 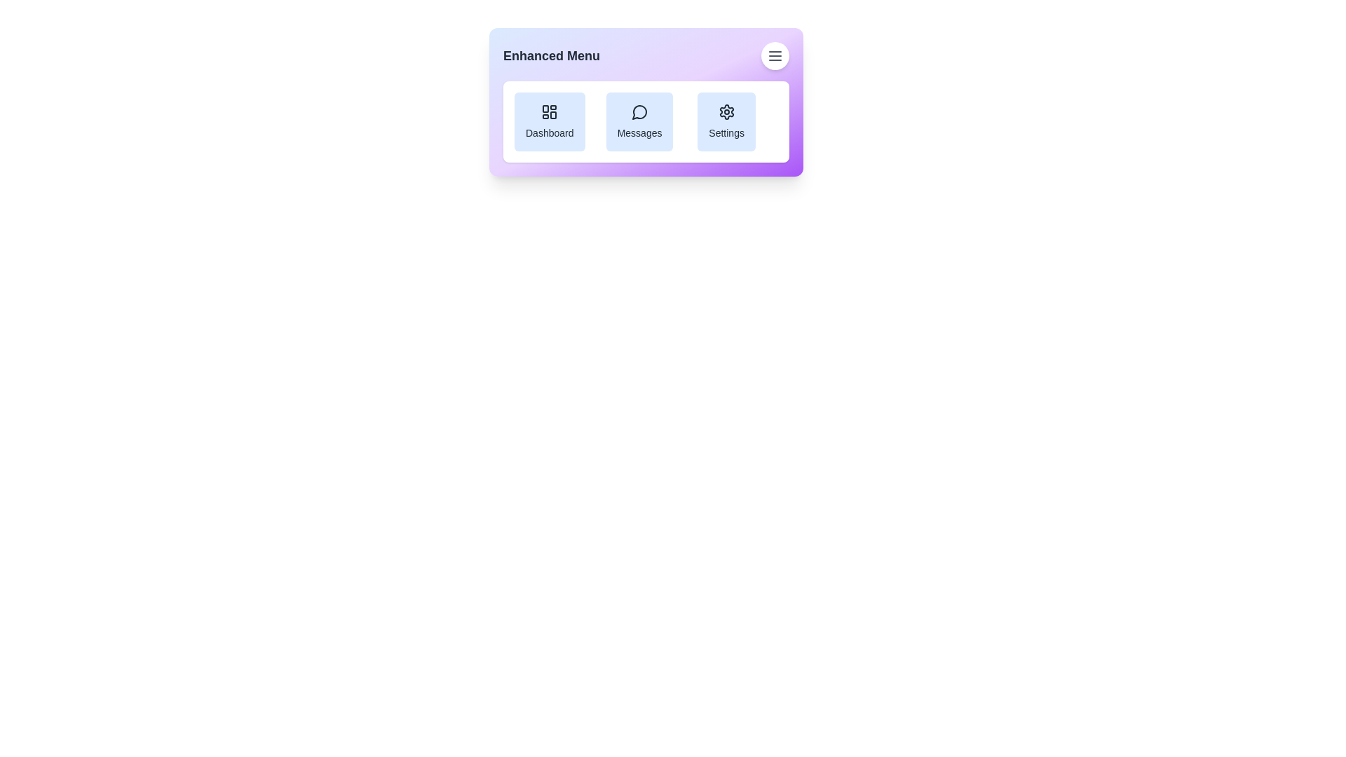 I want to click on the 'Enhanced Menu' text and read it, so click(x=551, y=55).